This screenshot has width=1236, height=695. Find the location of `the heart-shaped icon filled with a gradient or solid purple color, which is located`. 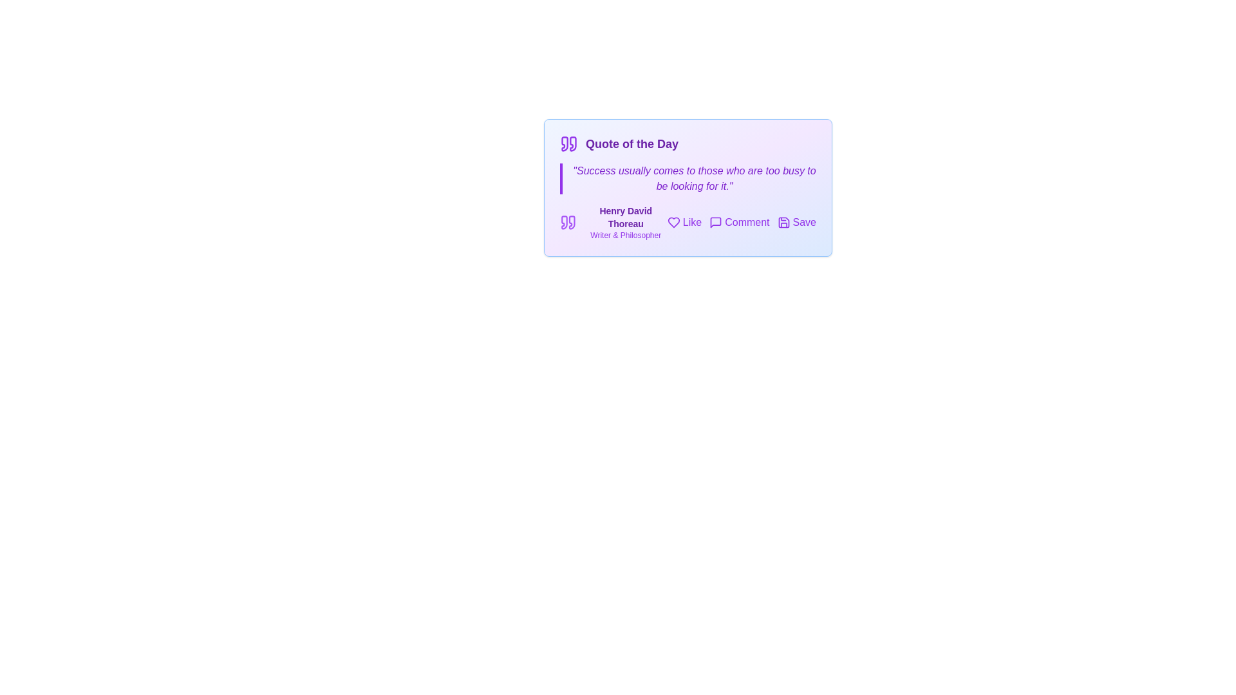

the heart-shaped icon filled with a gradient or solid purple color, which is located is located at coordinates (673, 222).